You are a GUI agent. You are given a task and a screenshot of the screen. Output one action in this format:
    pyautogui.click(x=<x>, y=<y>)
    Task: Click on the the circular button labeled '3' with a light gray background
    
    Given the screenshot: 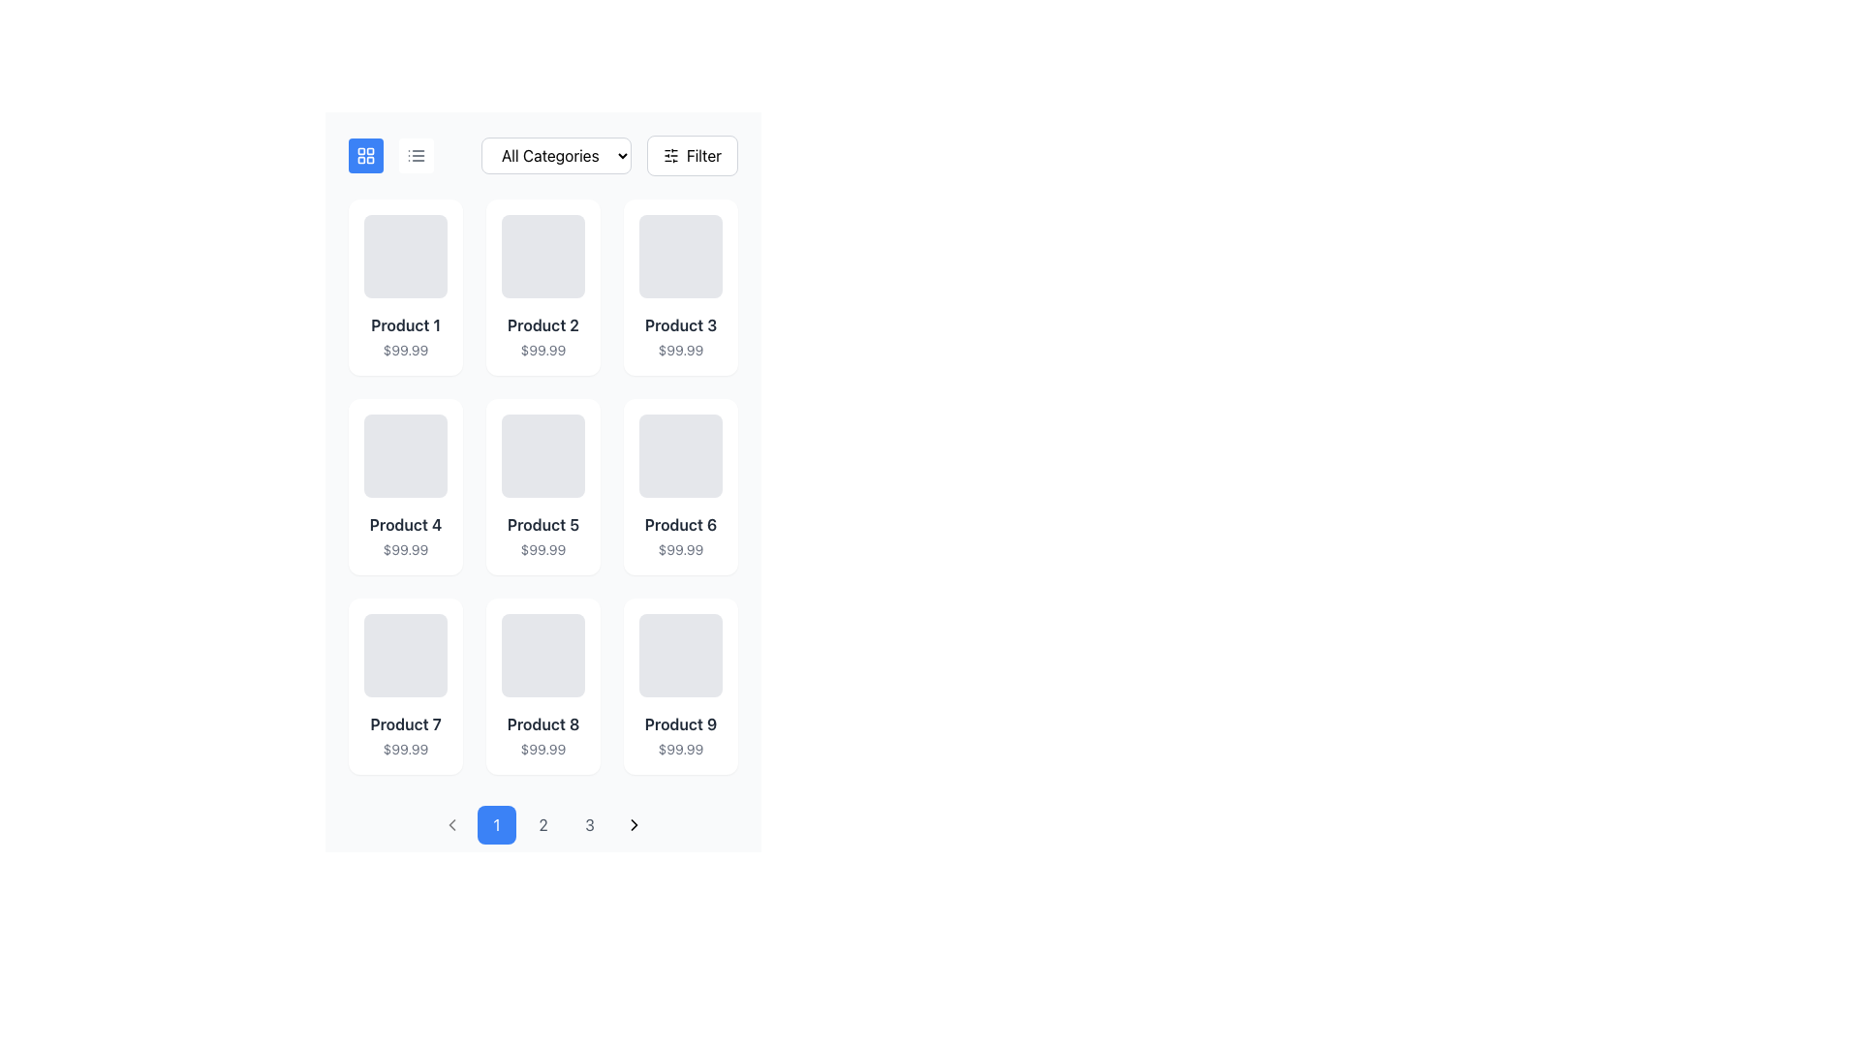 What is the action you would take?
    pyautogui.click(x=589, y=825)
    